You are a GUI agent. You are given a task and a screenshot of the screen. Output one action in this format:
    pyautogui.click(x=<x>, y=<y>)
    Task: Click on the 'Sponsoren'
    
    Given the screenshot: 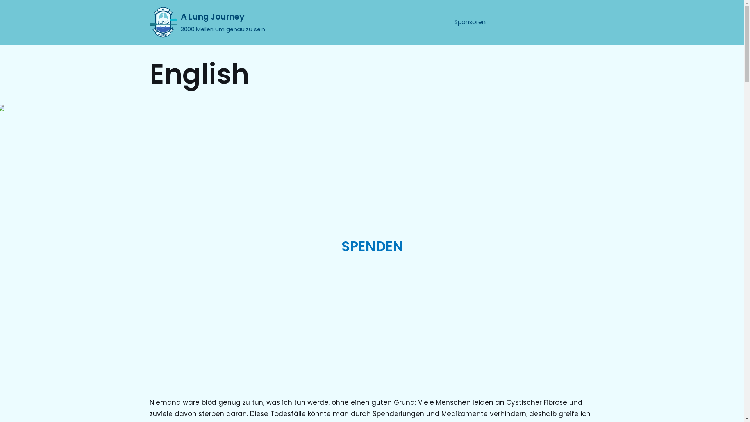 What is the action you would take?
    pyautogui.click(x=469, y=22)
    